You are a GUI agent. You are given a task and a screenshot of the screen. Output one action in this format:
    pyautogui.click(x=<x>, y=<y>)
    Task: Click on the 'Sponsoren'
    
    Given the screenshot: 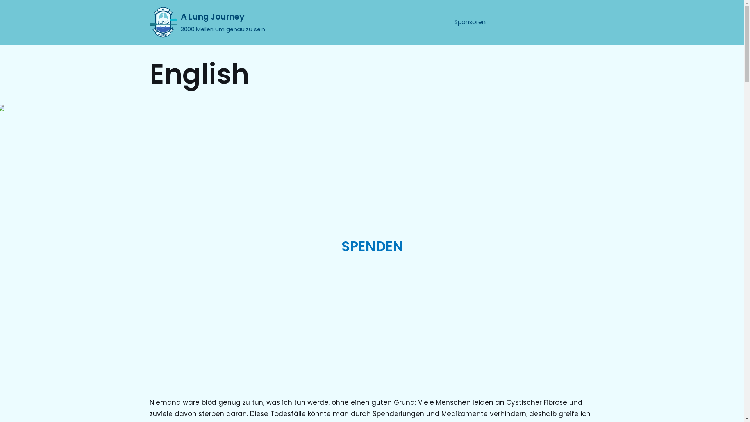 What is the action you would take?
    pyautogui.click(x=469, y=22)
    